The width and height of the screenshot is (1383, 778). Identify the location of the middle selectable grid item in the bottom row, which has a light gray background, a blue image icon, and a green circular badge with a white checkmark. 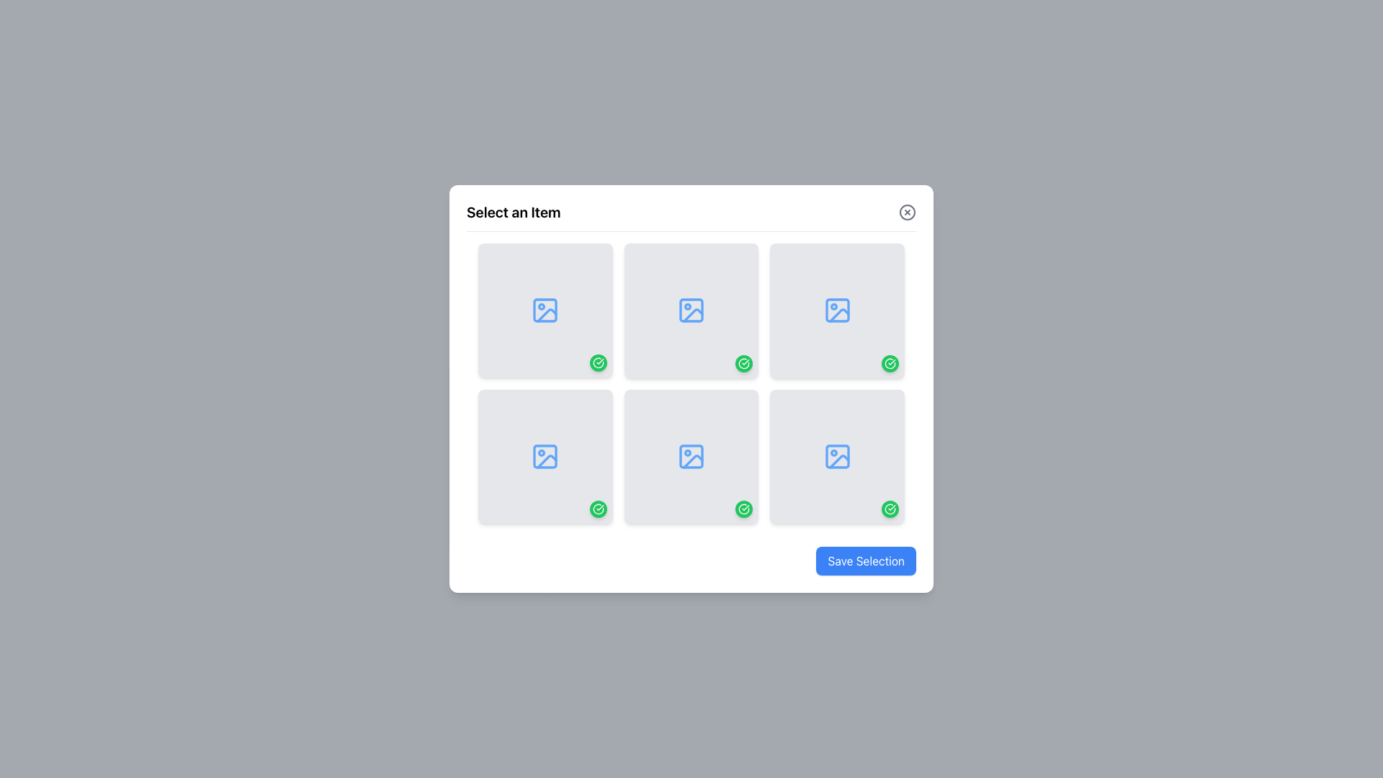
(691, 456).